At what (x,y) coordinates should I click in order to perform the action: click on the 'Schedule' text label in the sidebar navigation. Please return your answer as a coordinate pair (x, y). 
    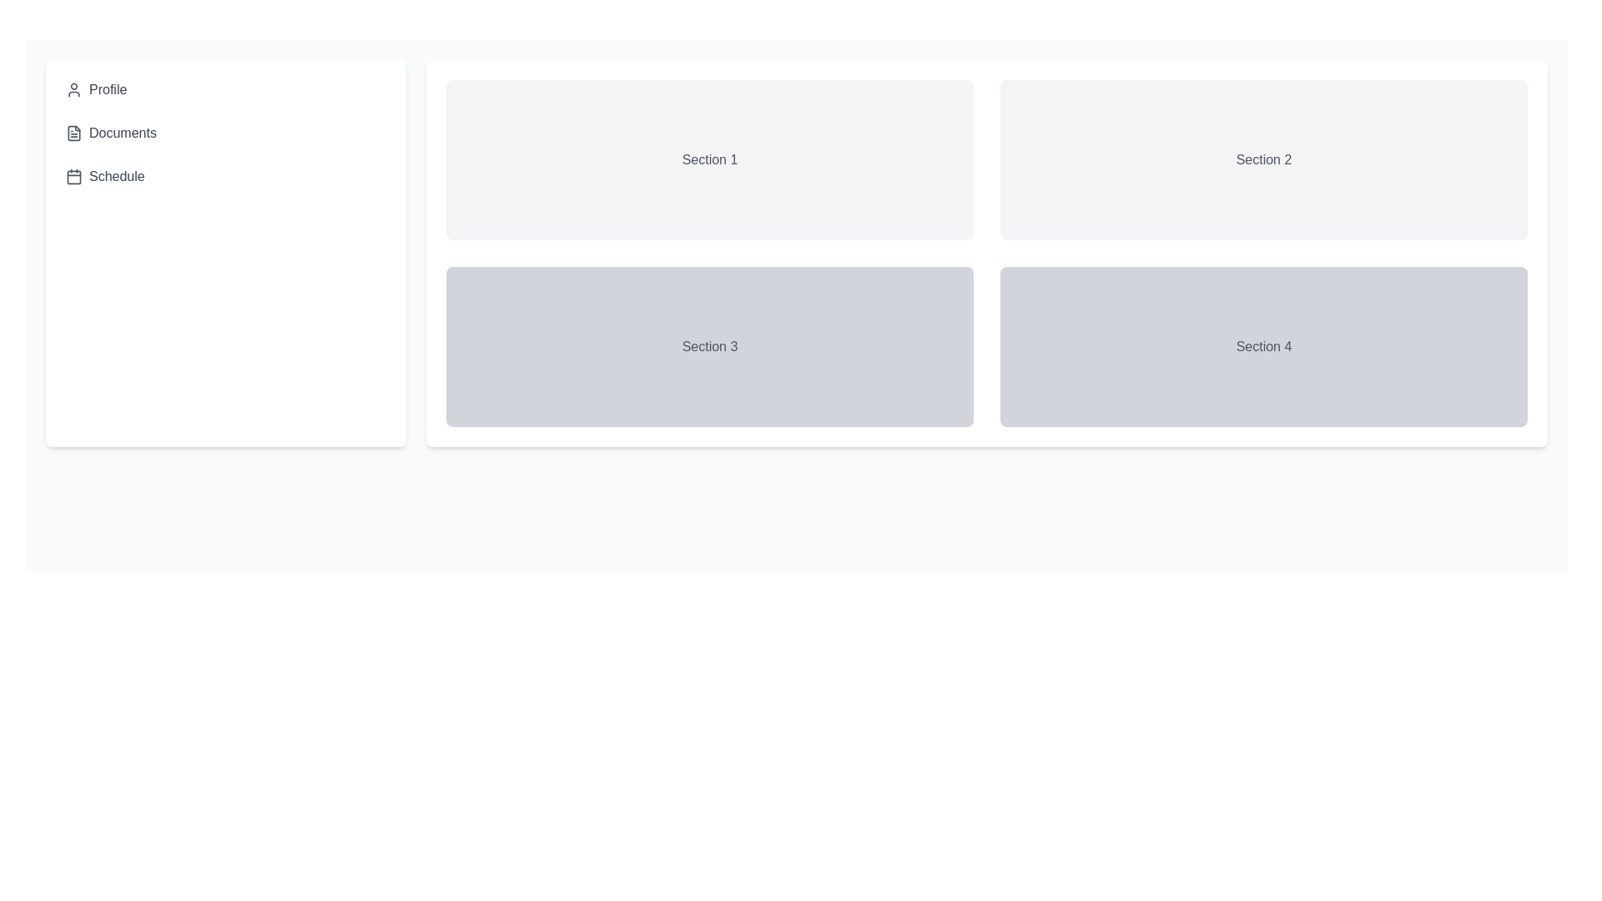
    Looking at the image, I should click on (116, 177).